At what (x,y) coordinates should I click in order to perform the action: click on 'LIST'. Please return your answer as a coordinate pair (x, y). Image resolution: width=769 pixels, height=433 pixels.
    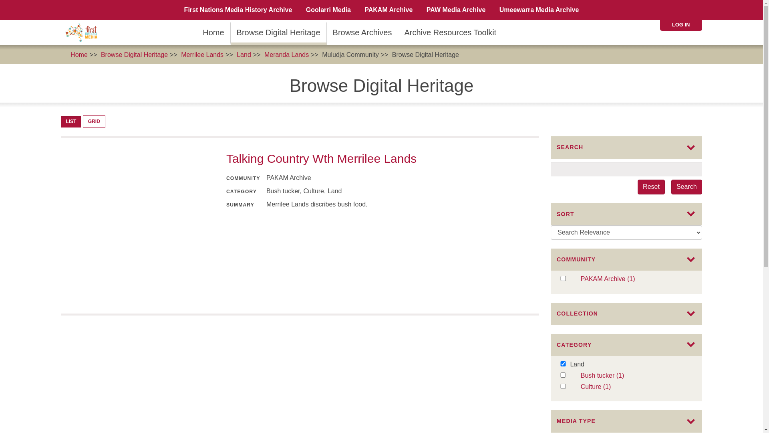
    Looking at the image, I should click on (71, 121).